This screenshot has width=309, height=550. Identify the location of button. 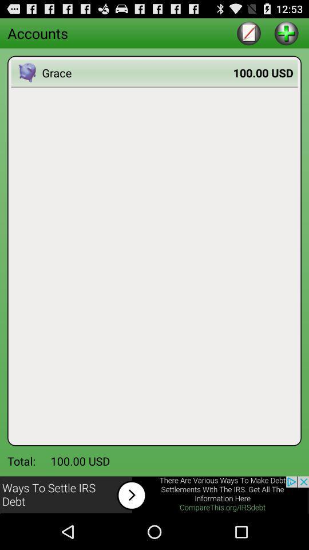
(286, 32).